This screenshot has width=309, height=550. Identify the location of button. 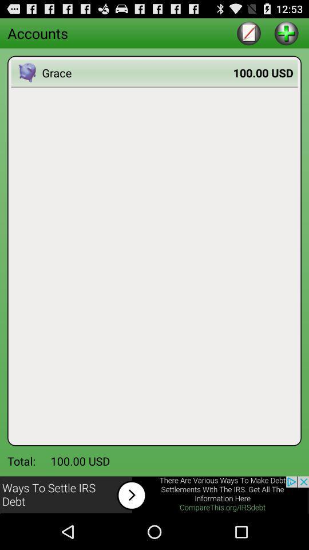
(286, 32).